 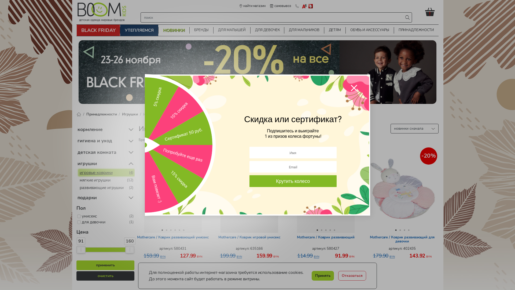 I want to click on '3', so click(x=170, y=230).